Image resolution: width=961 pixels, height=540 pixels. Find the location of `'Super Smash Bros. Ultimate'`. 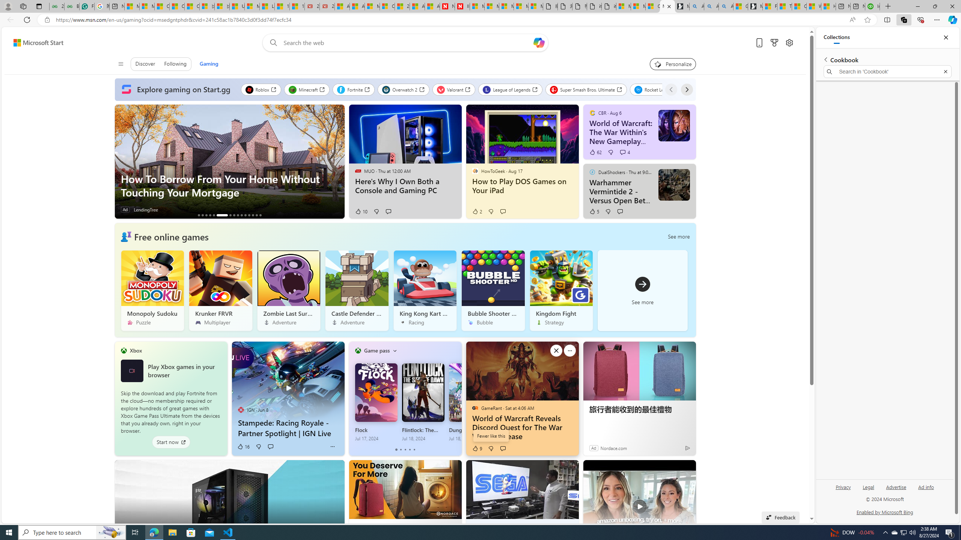

'Super Smash Bros. Ultimate' is located at coordinates (586, 89).